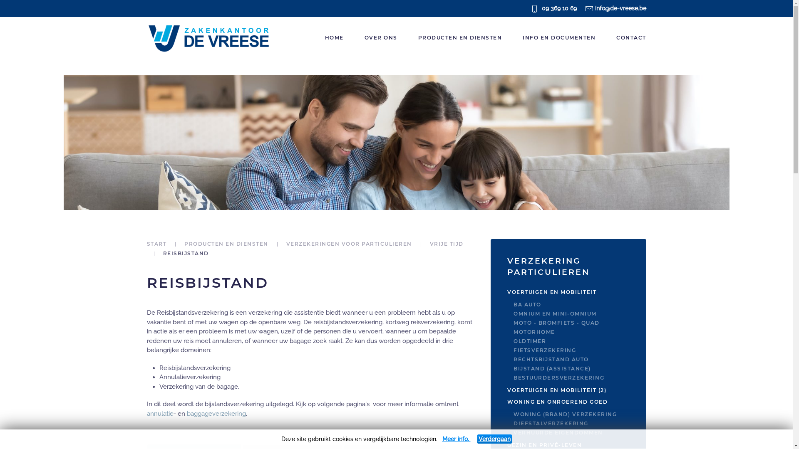 This screenshot has height=449, width=799. What do you see at coordinates (513, 432) in the screenshot?
I see `'VERHUURDE EIGENDOMMEN'` at bounding box center [513, 432].